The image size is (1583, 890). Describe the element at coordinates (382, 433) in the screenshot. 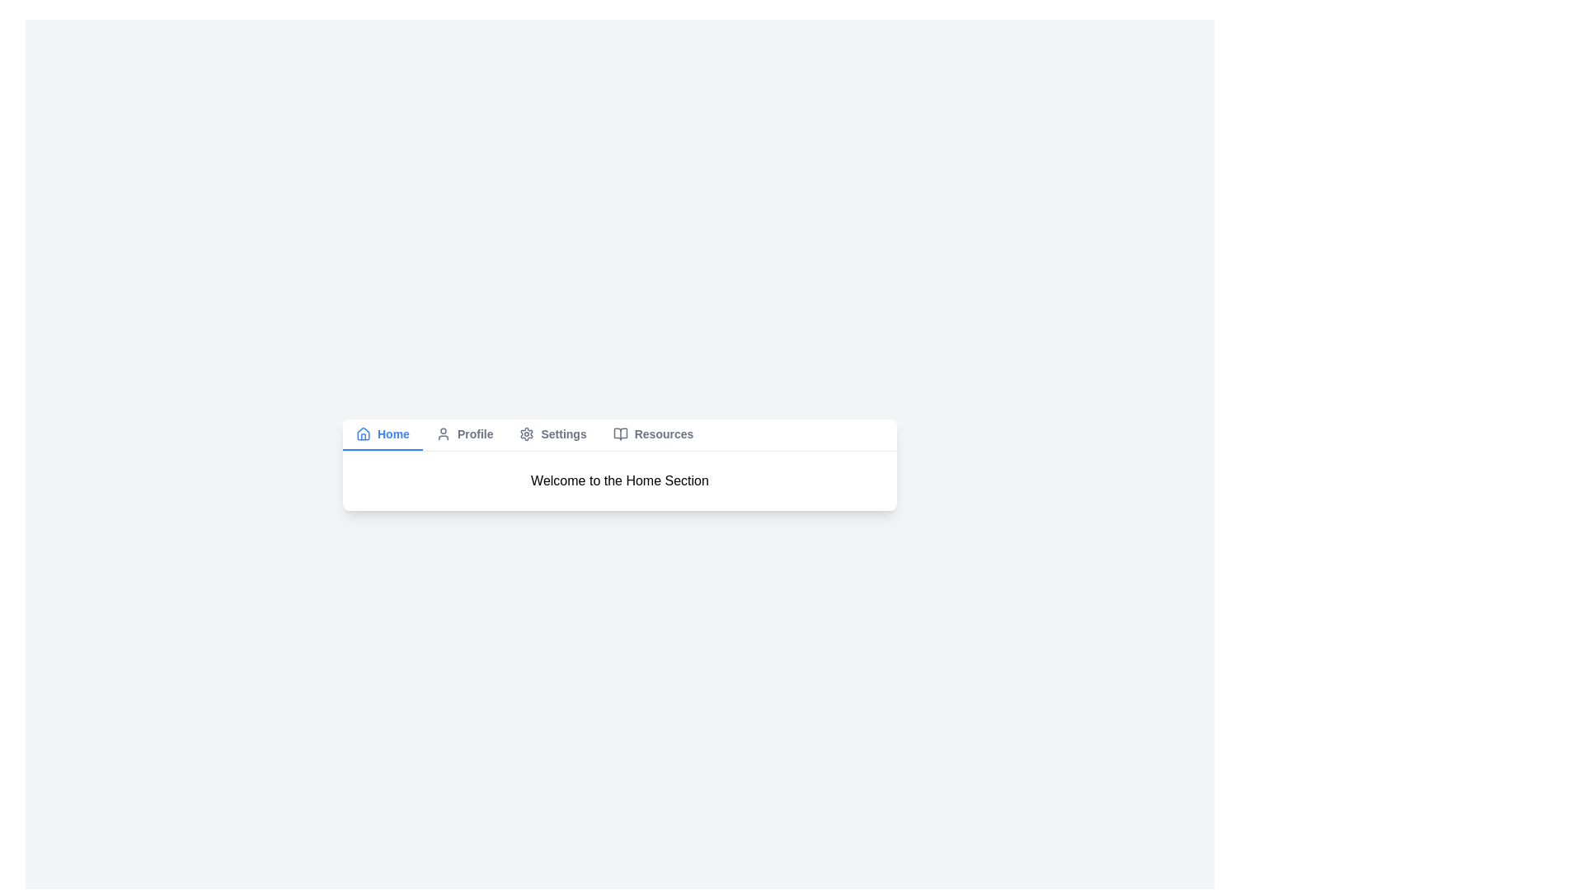

I see `the 'Home' button, which is styled prominently with blue color and bold font, featuring a house icon on the left and a blue border at the bottom` at that location.